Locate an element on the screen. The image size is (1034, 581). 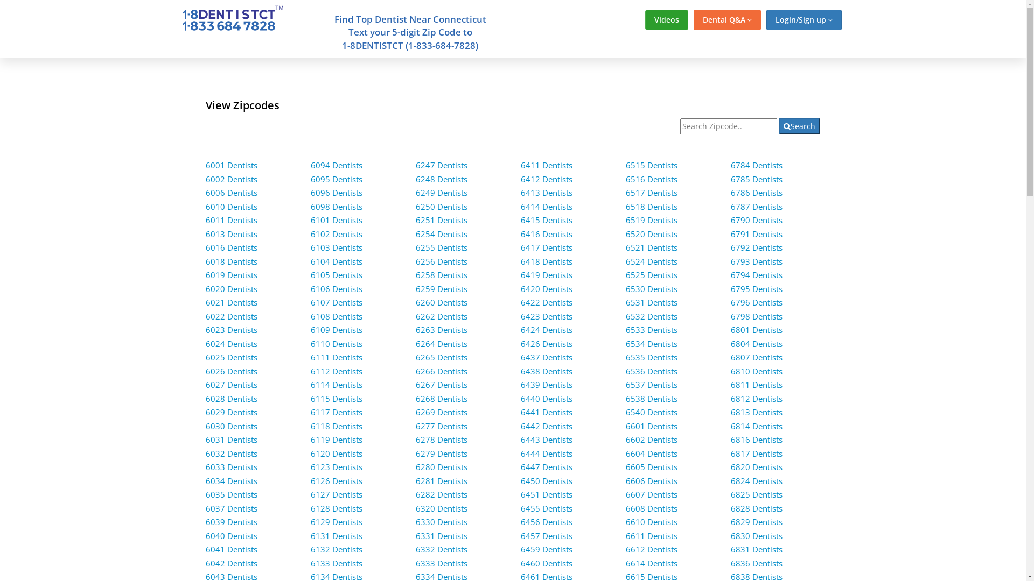
'6098 Dentists' is located at coordinates (336, 207).